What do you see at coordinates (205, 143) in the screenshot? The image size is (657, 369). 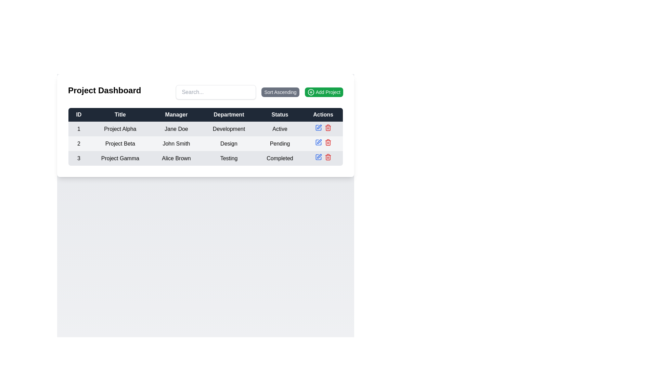 I see `the second row of the data table, which displays information including '2', 'Project Beta', 'John Smith', 'Design', and 'Pending'` at bounding box center [205, 143].